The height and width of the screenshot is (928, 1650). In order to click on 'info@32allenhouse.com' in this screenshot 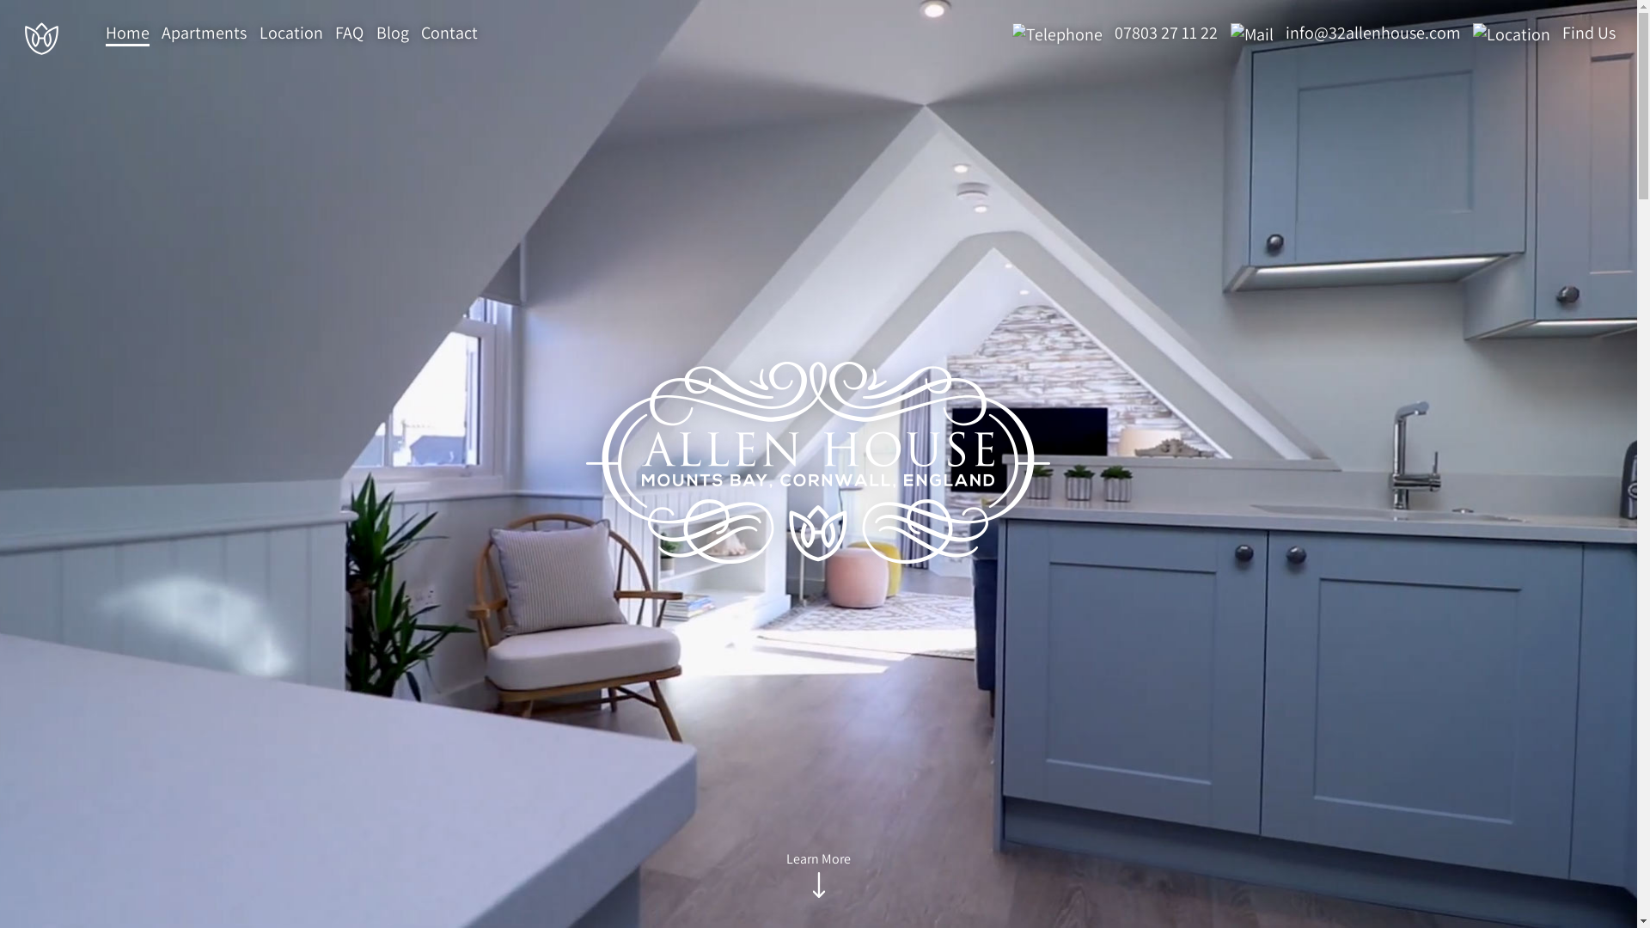, I will do `click(1340, 33)`.